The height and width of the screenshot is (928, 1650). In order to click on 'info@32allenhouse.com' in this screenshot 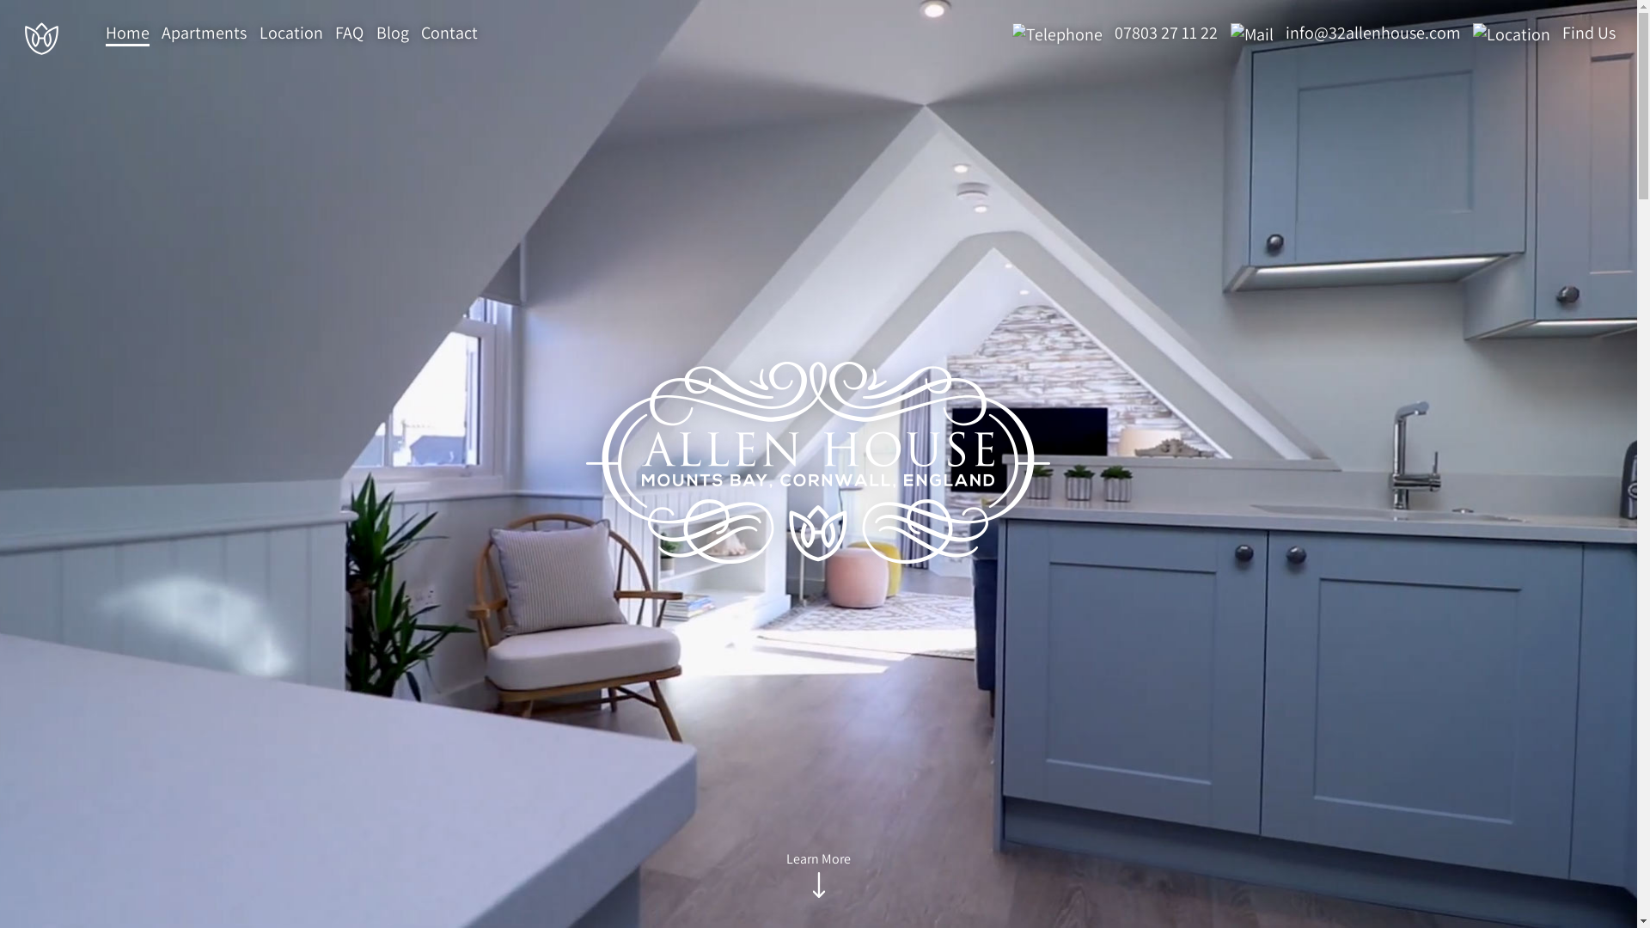, I will do `click(1340, 33)`.